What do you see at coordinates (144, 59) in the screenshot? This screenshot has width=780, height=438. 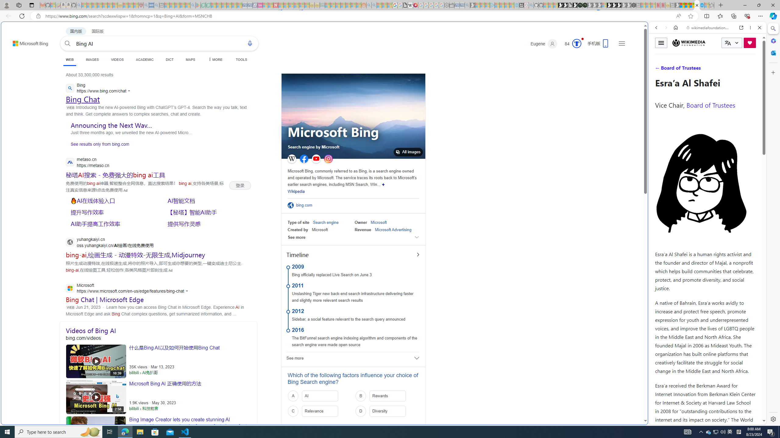 I see `'ACADEMIC'` at bounding box center [144, 59].